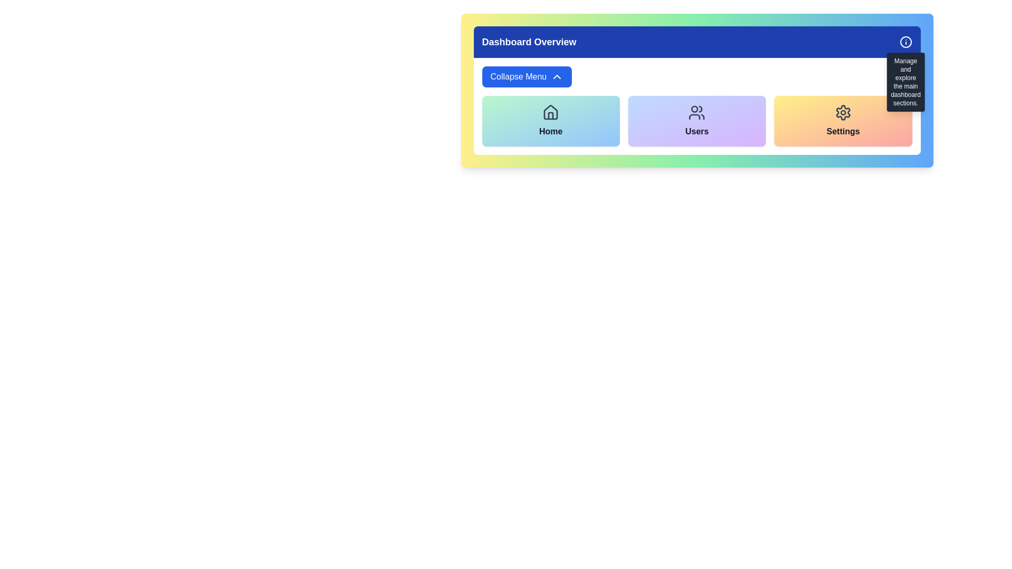  What do you see at coordinates (557, 76) in the screenshot?
I see `the collapse menu icon located to the right of the 'Collapse Menu' button in the top-left region of the interface to indicate its collapsible nature` at bounding box center [557, 76].